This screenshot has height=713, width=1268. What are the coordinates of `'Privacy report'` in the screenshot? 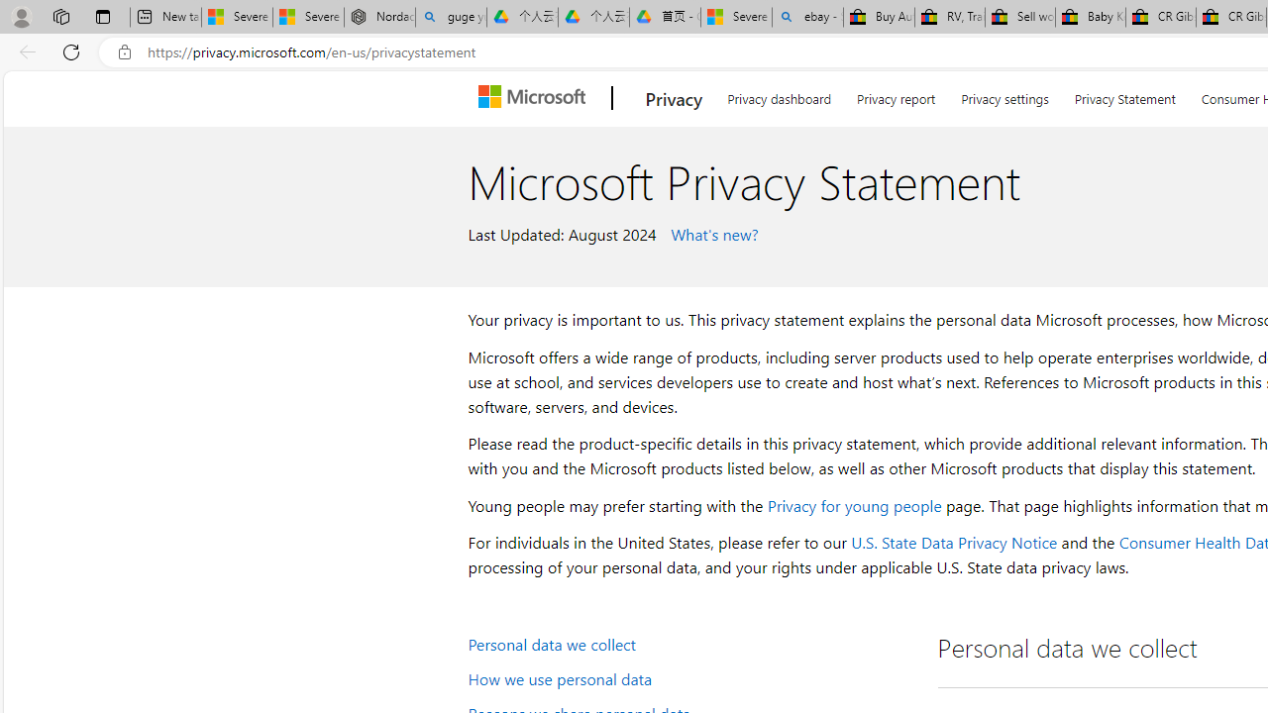 It's located at (895, 95).